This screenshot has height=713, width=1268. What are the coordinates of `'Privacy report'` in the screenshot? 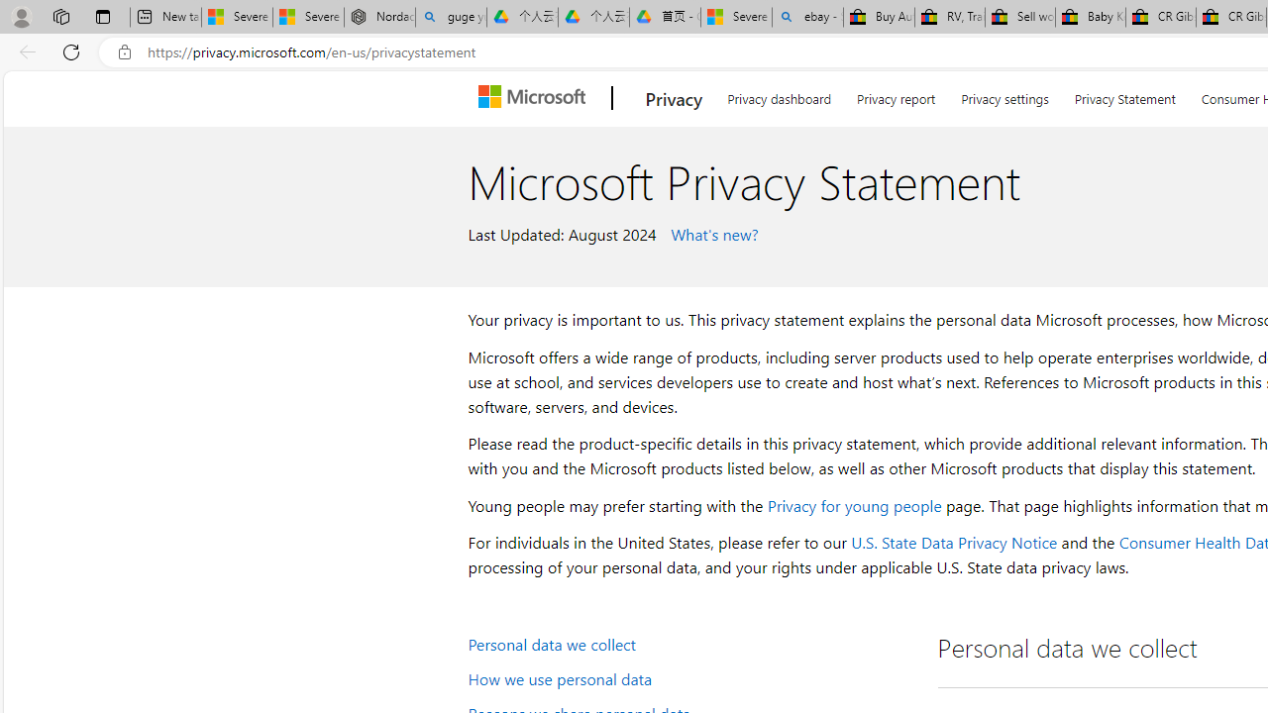 It's located at (895, 95).